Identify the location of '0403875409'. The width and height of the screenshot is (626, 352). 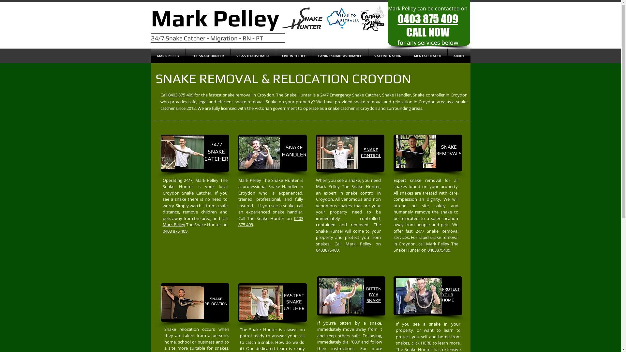
(327, 250).